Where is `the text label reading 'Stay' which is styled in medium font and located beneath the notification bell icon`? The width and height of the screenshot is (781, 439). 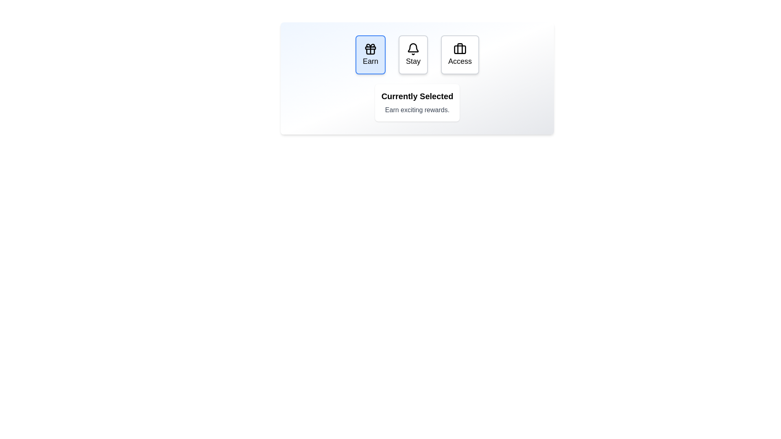
the text label reading 'Stay' which is styled in medium font and located beneath the notification bell icon is located at coordinates (413, 61).